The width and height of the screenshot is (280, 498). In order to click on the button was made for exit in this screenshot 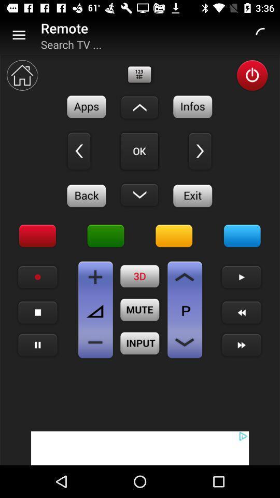, I will do `click(193, 195)`.